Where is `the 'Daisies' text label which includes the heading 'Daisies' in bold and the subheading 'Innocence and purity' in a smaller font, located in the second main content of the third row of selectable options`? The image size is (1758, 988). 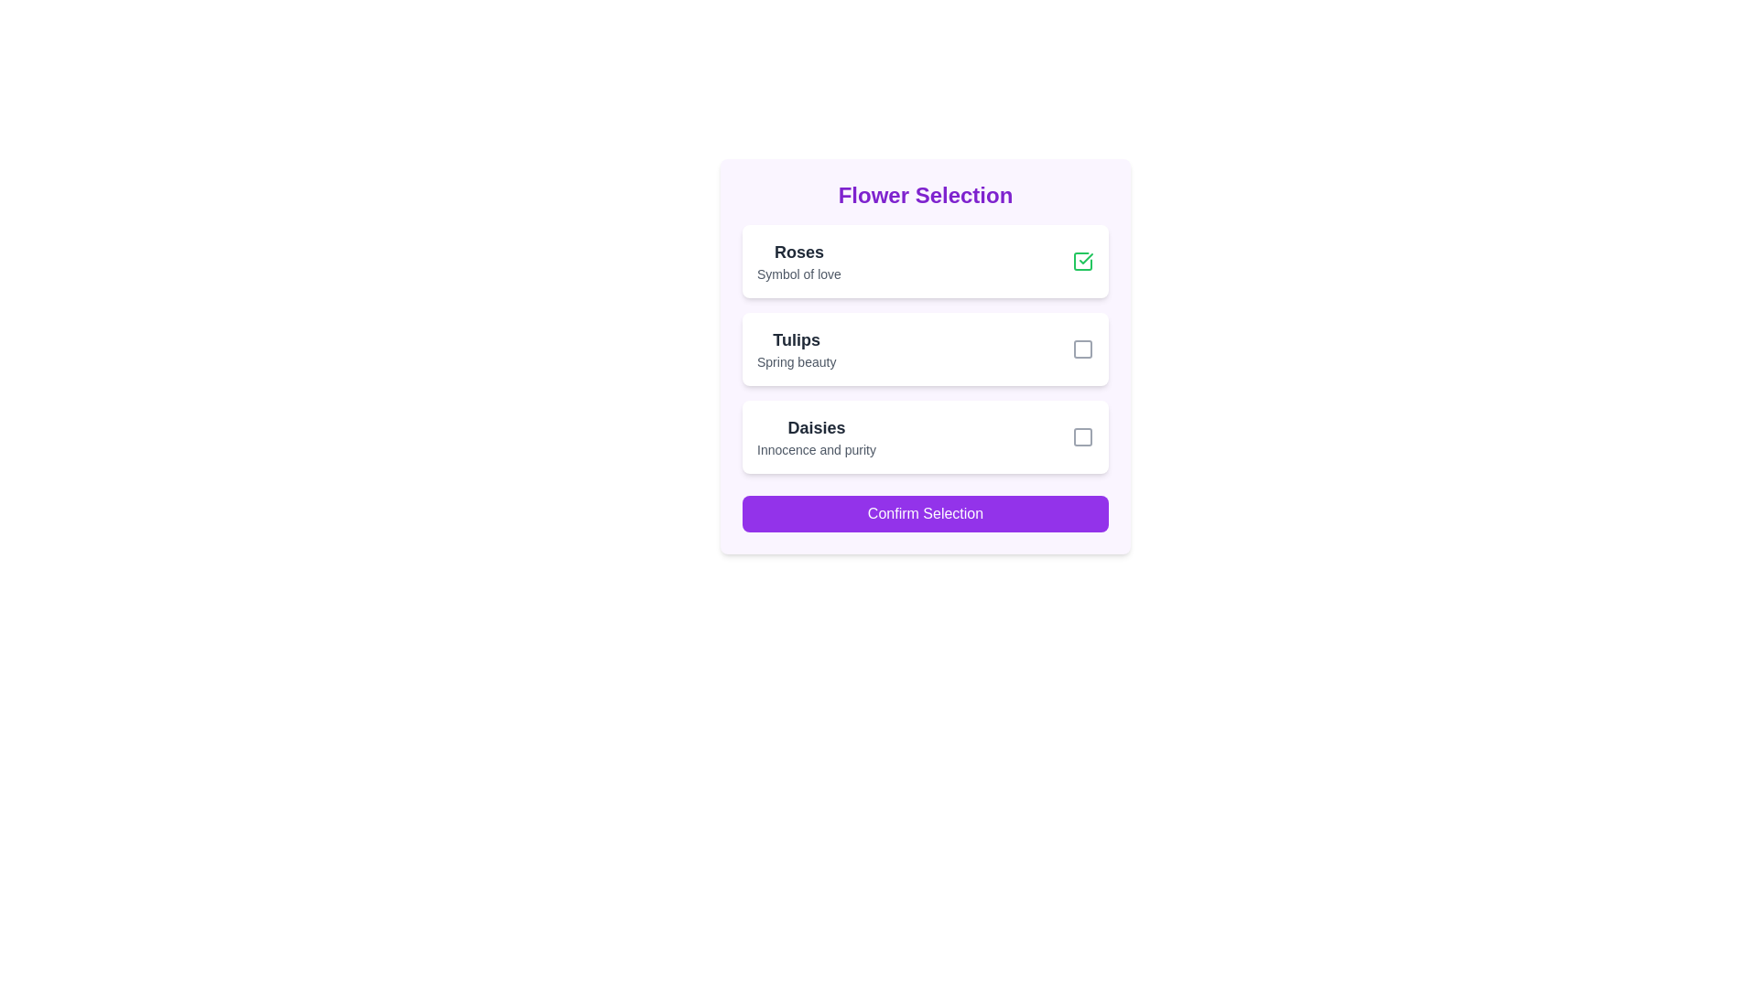 the 'Daisies' text label which includes the heading 'Daisies' in bold and the subheading 'Innocence and purity' in a smaller font, located in the second main content of the third row of selectable options is located at coordinates (816, 437).